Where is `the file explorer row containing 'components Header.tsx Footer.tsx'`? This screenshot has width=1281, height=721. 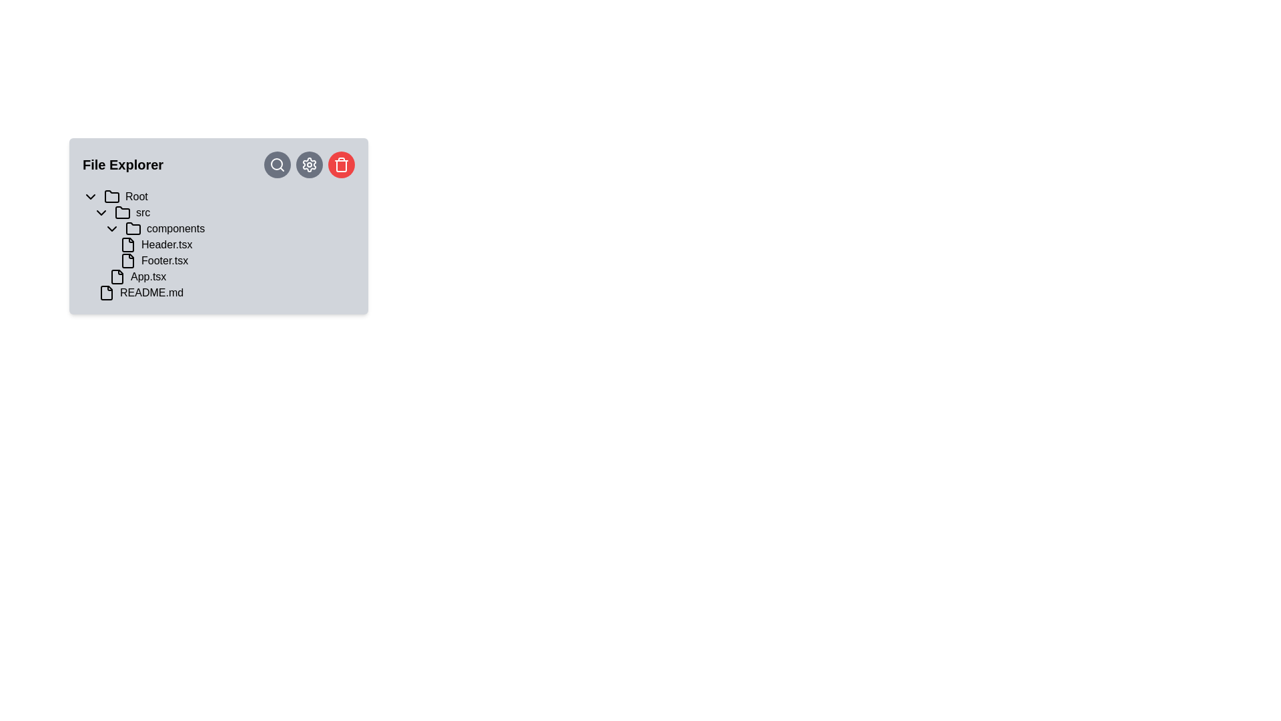 the file explorer row containing 'components Header.tsx Footer.tsx' is located at coordinates (230, 244).